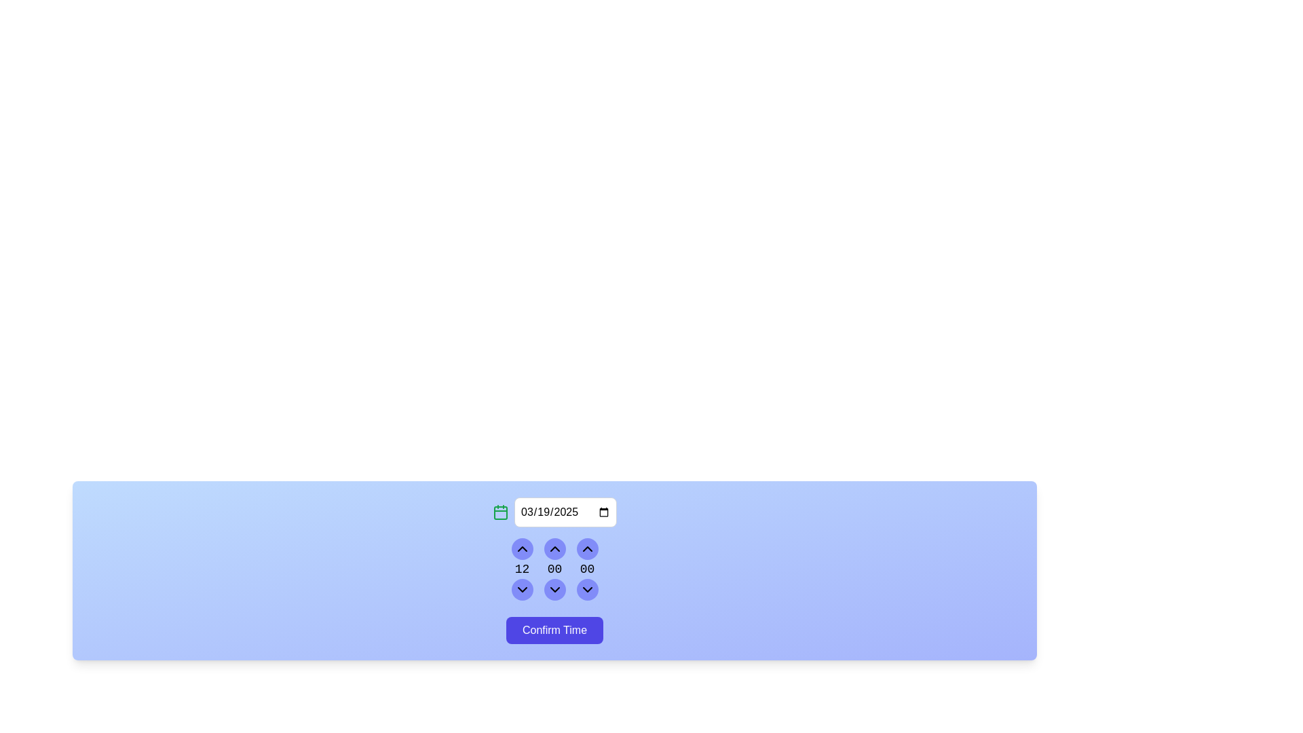 This screenshot has height=733, width=1303. Describe the element at coordinates (587, 588) in the screenshot. I see `the circular indigo button with a downward chevron icon to decrease the value, located below the text '00'` at that location.